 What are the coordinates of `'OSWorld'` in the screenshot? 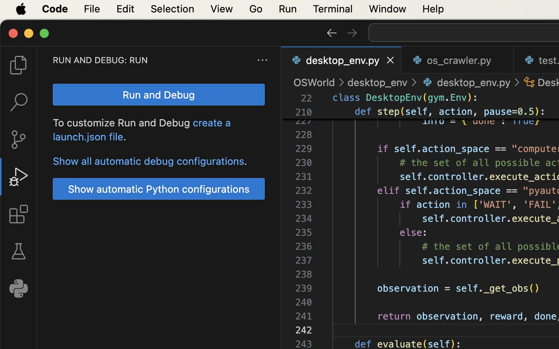 It's located at (314, 82).